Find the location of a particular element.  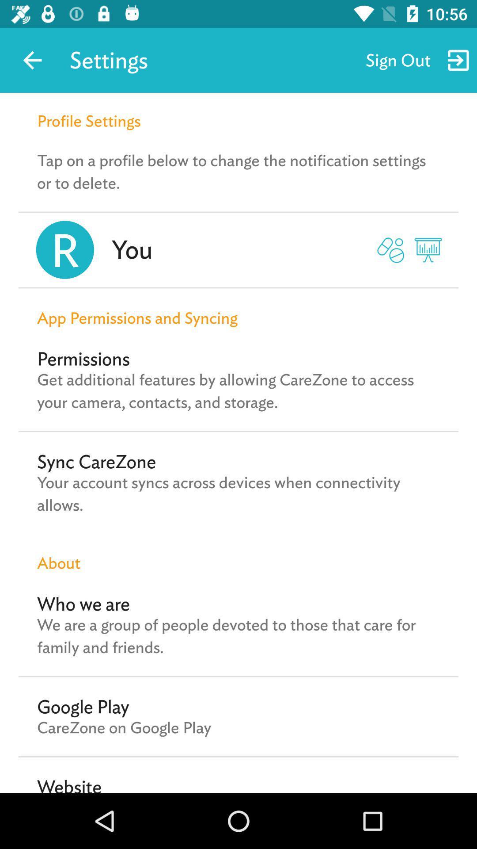

icon above your account syncs item is located at coordinates (96, 461).